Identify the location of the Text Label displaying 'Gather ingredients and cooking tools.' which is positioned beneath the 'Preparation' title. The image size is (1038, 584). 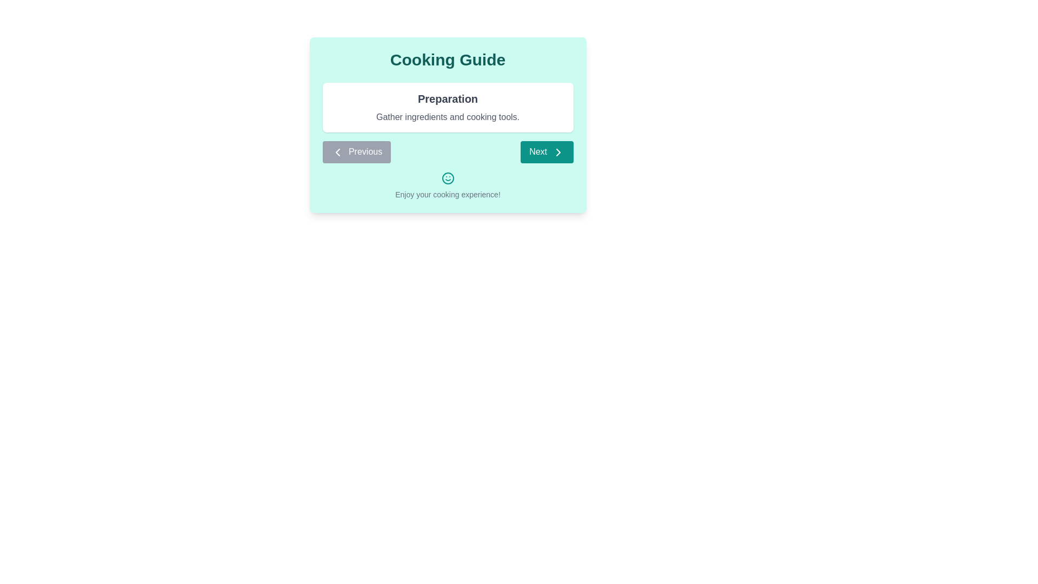
(448, 117).